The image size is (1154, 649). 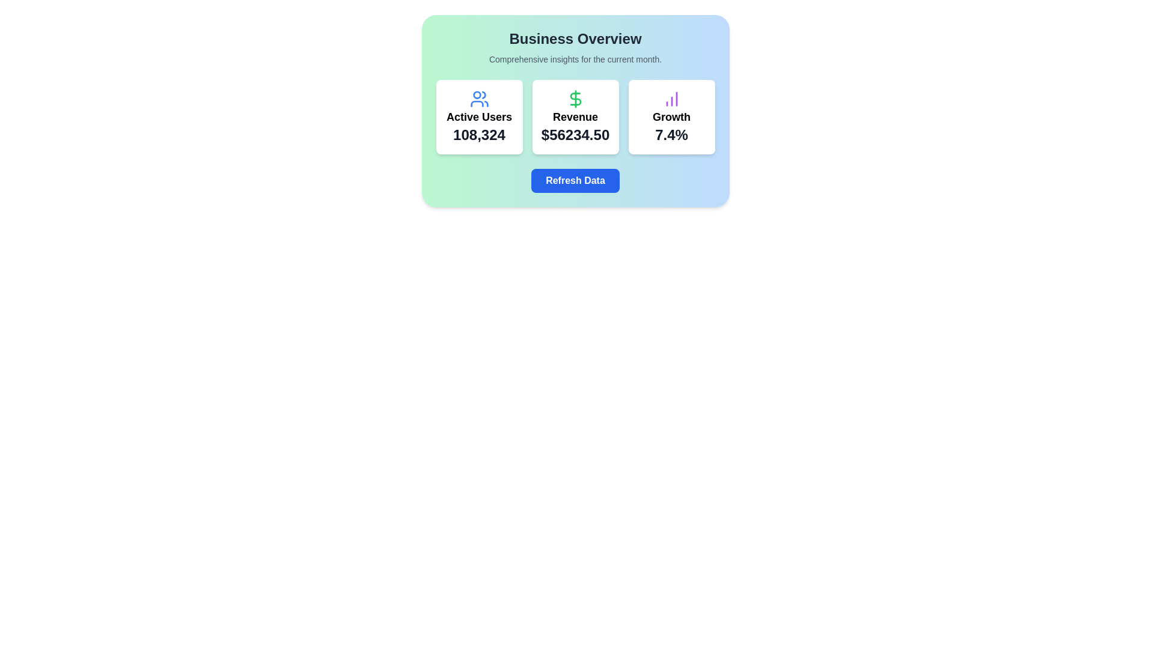 What do you see at coordinates (671, 117) in the screenshot?
I see `the Display card element that represents 'Growth' with a purple bar graph icon and shows a percentage of '7.4%', located at the bottom-right section of the 'Business Overview' panel` at bounding box center [671, 117].